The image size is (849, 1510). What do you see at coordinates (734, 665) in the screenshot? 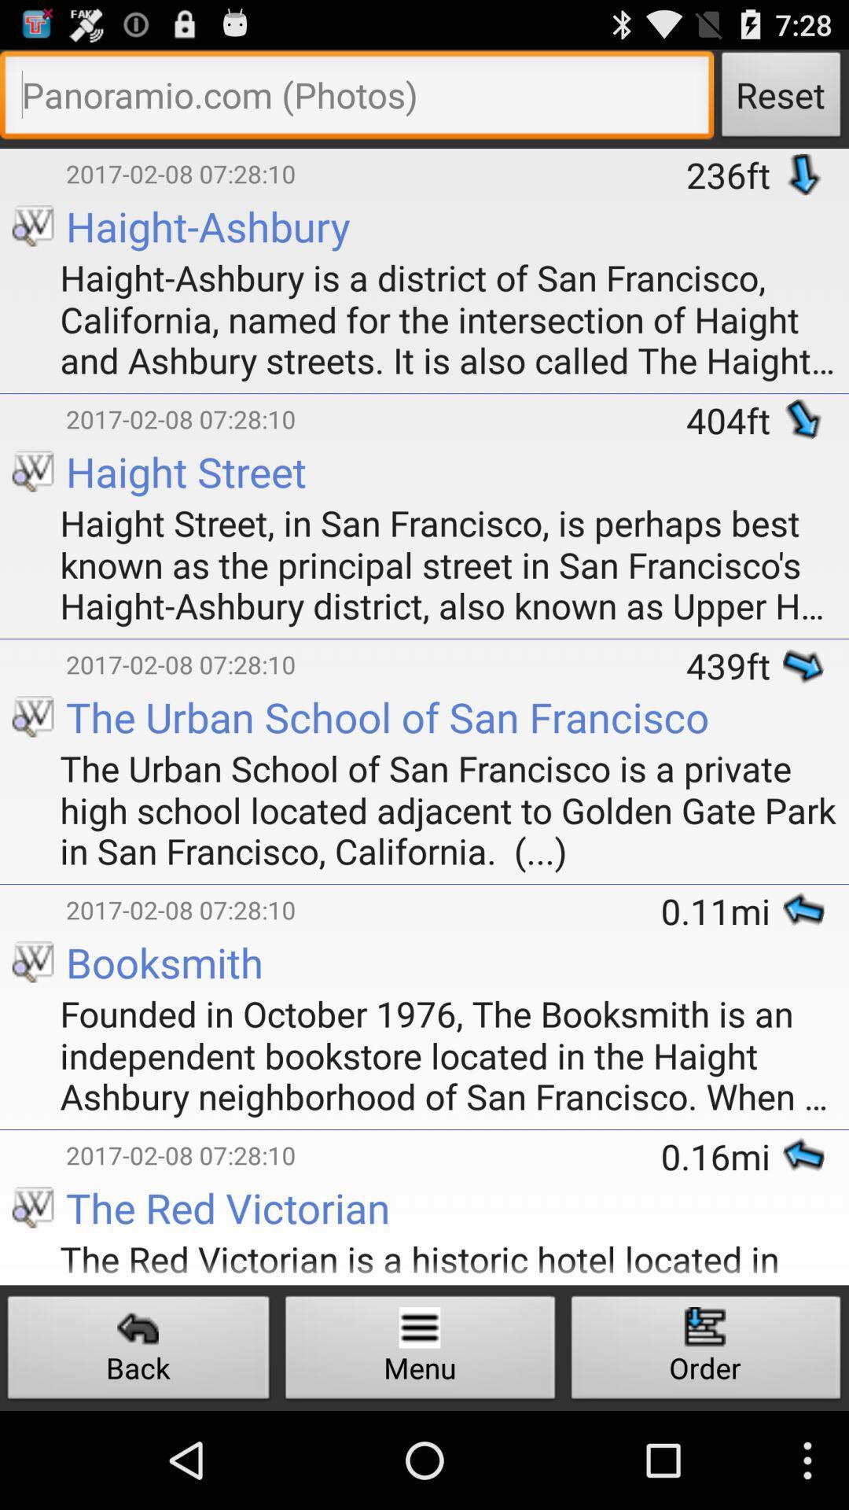
I see `the 439ft item` at bounding box center [734, 665].